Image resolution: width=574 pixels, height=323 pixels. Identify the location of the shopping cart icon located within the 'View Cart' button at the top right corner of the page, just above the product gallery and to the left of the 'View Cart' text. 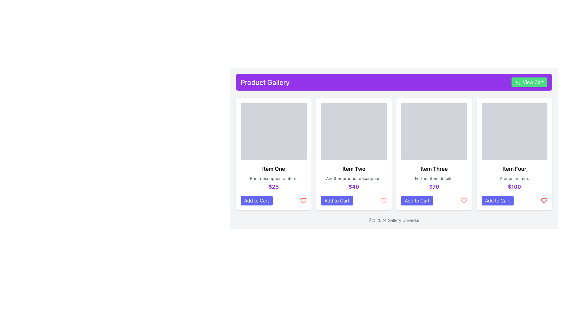
(517, 82).